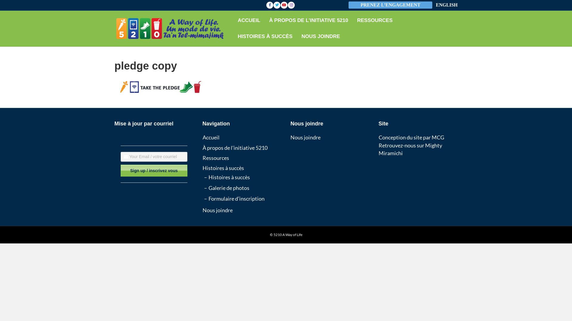 The image size is (572, 321). What do you see at coordinates (154, 171) in the screenshot?
I see `'Sign up / inscrivez vous'` at bounding box center [154, 171].